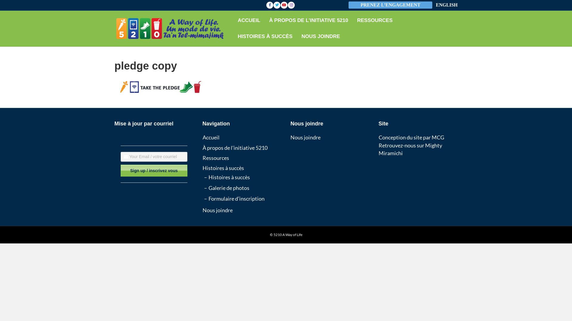 The image size is (572, 321). What do you see at coordinates (154, 171) in the screenshot?
I see `'Sign up / inscrivez vous'` at bounding box center [154, 171].